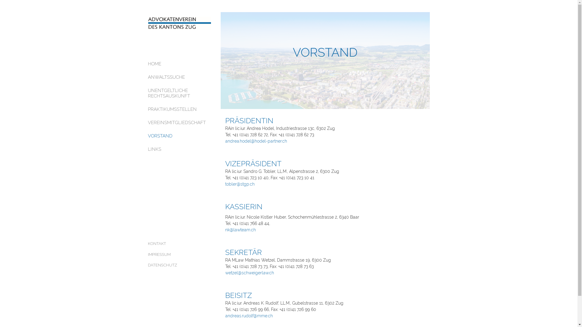 The width and height of the screenshot is (582, 327). What do you see at coordinates (179, 123) in the screenshot?
I see `'VEREINSMITGLIEDSCHAFT'` at bounding box center [179, 123].